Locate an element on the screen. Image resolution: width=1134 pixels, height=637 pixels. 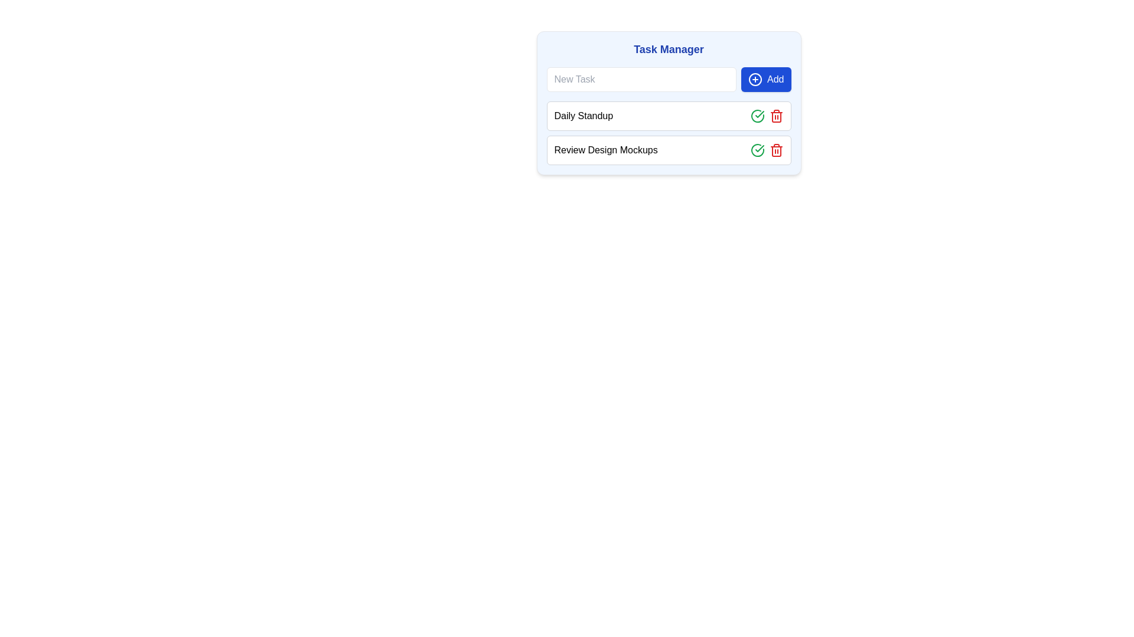
the decorative circular icon located to the left of the text 'Add' in the button at the top-right corner of the task manager interface is located at coordinates (755, 80).